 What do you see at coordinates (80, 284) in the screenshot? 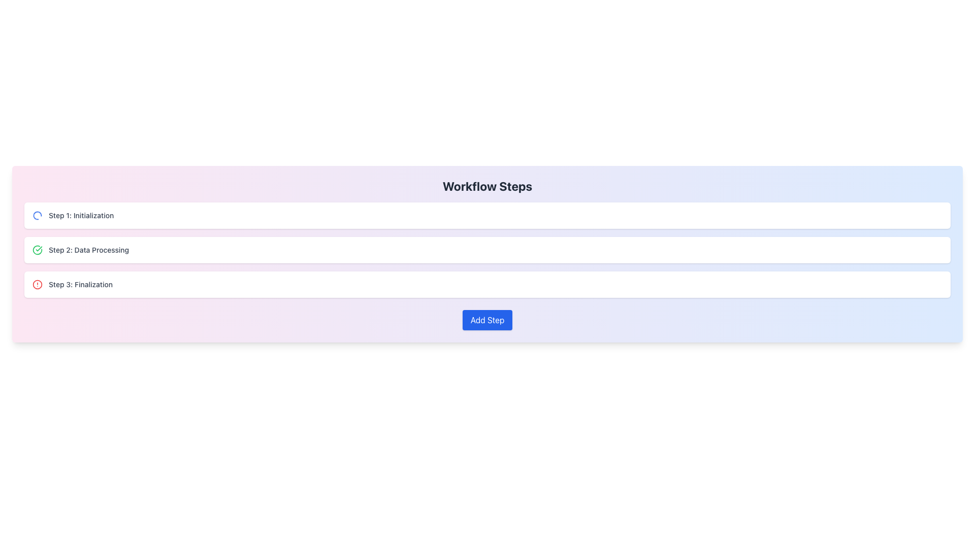
I see `textual content of the third step label in the workflow process, positioned below 'Step 2: Data Processing' and above the bottom action button` at bounding box center [80, 284].